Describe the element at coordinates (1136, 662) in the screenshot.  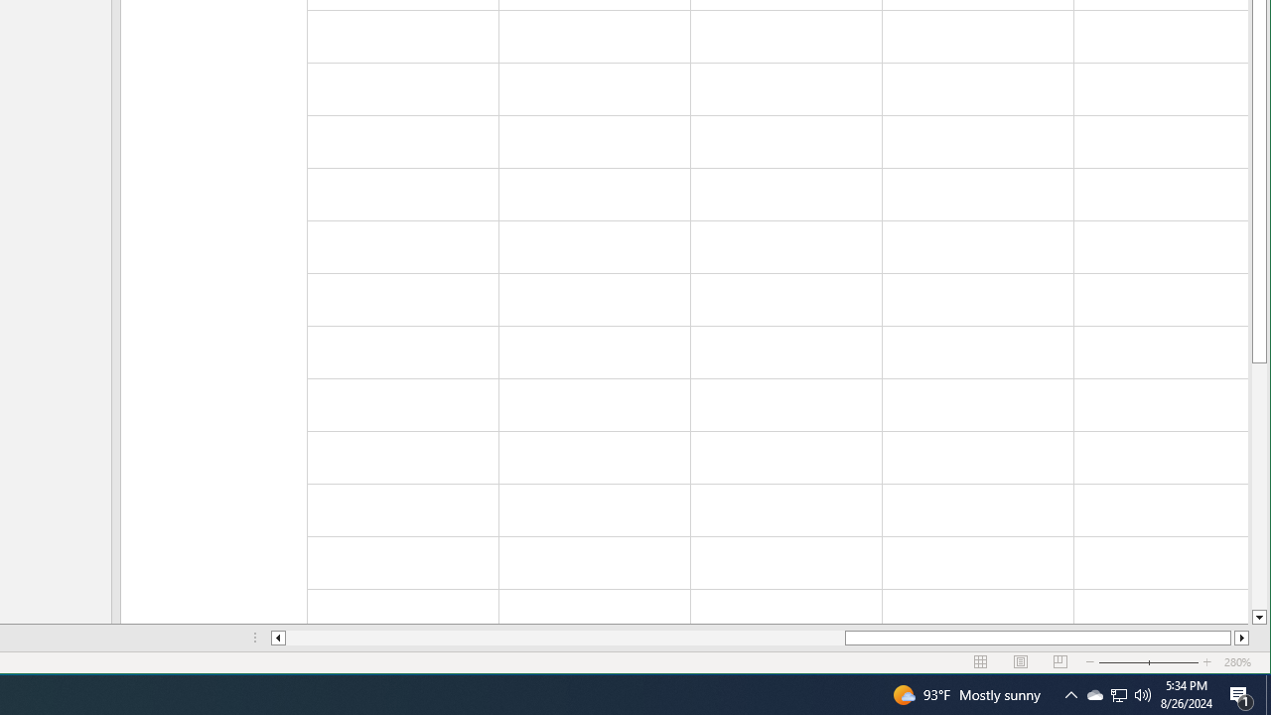
I see `'Zoom Out'` at that location.